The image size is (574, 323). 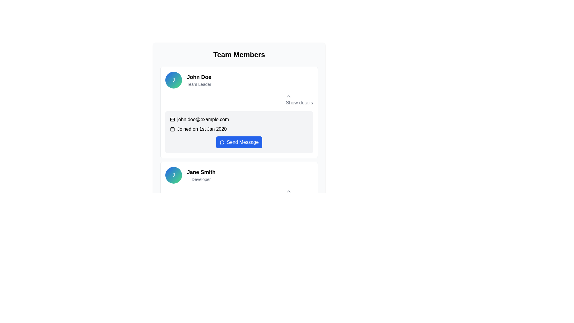 I want to click on the text label indicating the professional role of 'Jane Smith', which is positioned below her name in a card layout, so click(x=201, y=179).